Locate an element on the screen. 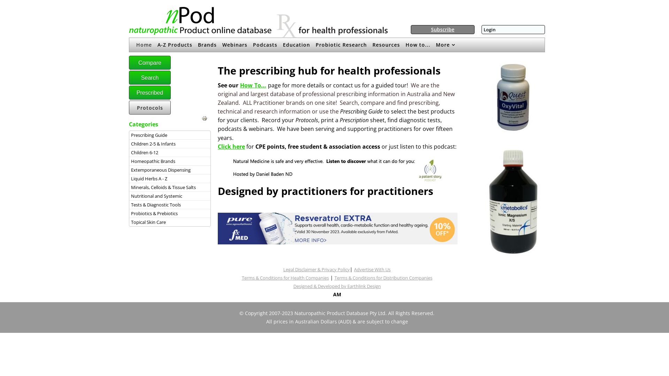 The image size is (669, 376). 'Resources' is located at coordinates (386, 45).